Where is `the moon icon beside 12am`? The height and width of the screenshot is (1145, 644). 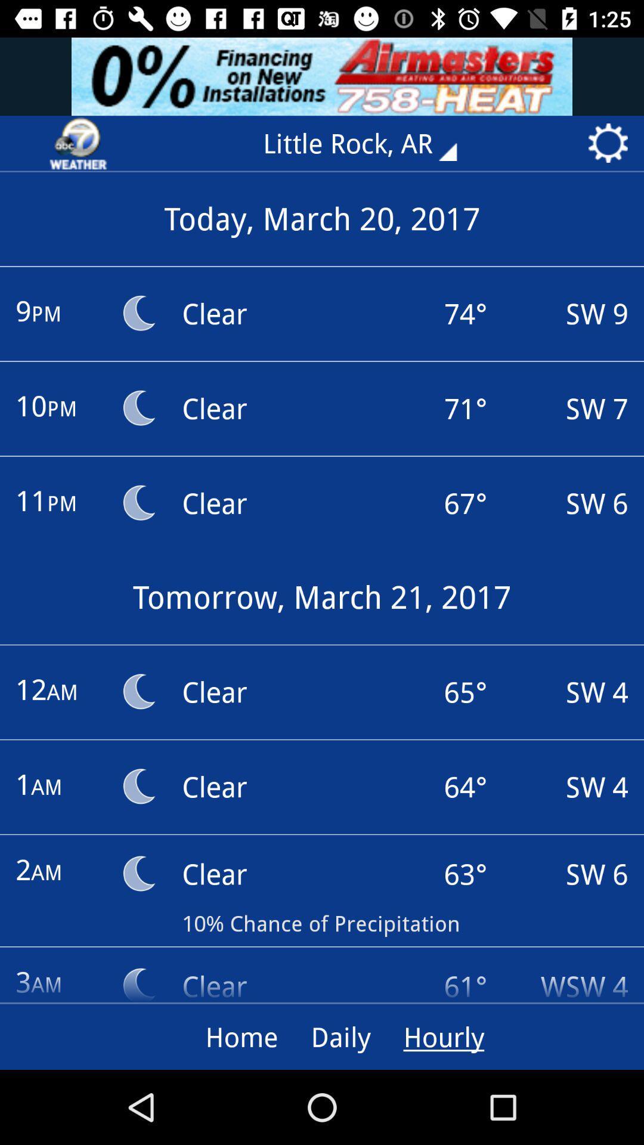 the moon icon beside 12am is located at coordinates (137, 692).